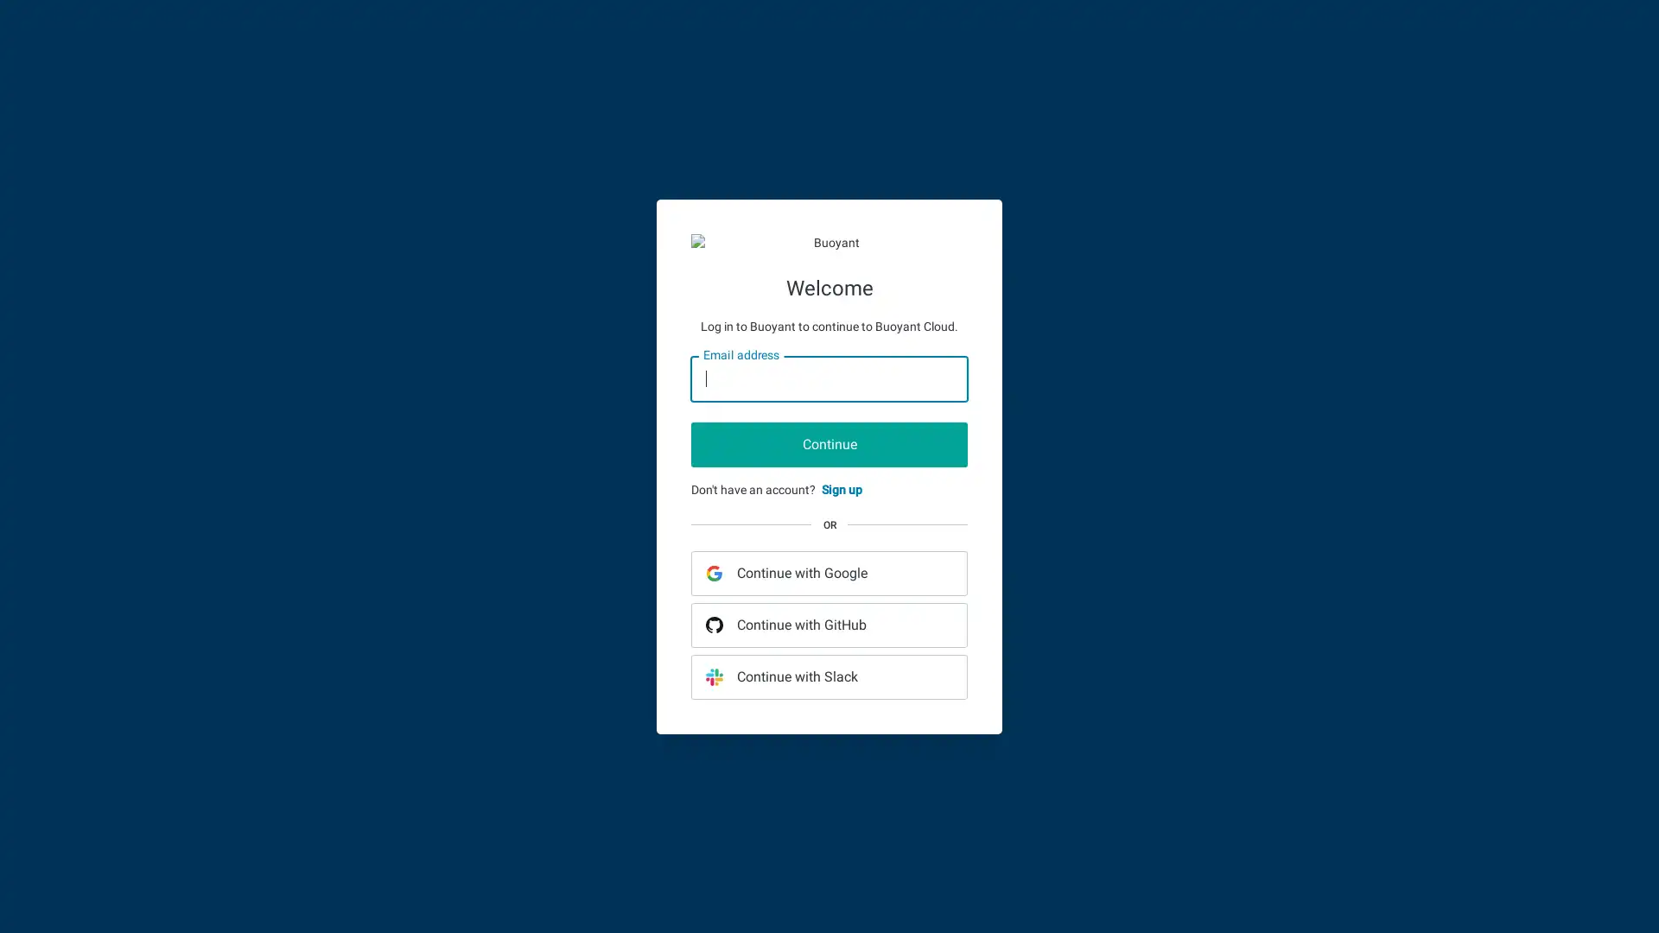 The width and height of the screenshot is (1659, 933). What do you see at coordinates (829, 573) in the screenshot?
I see `Continue with Google` at bounding box center [829, 573].